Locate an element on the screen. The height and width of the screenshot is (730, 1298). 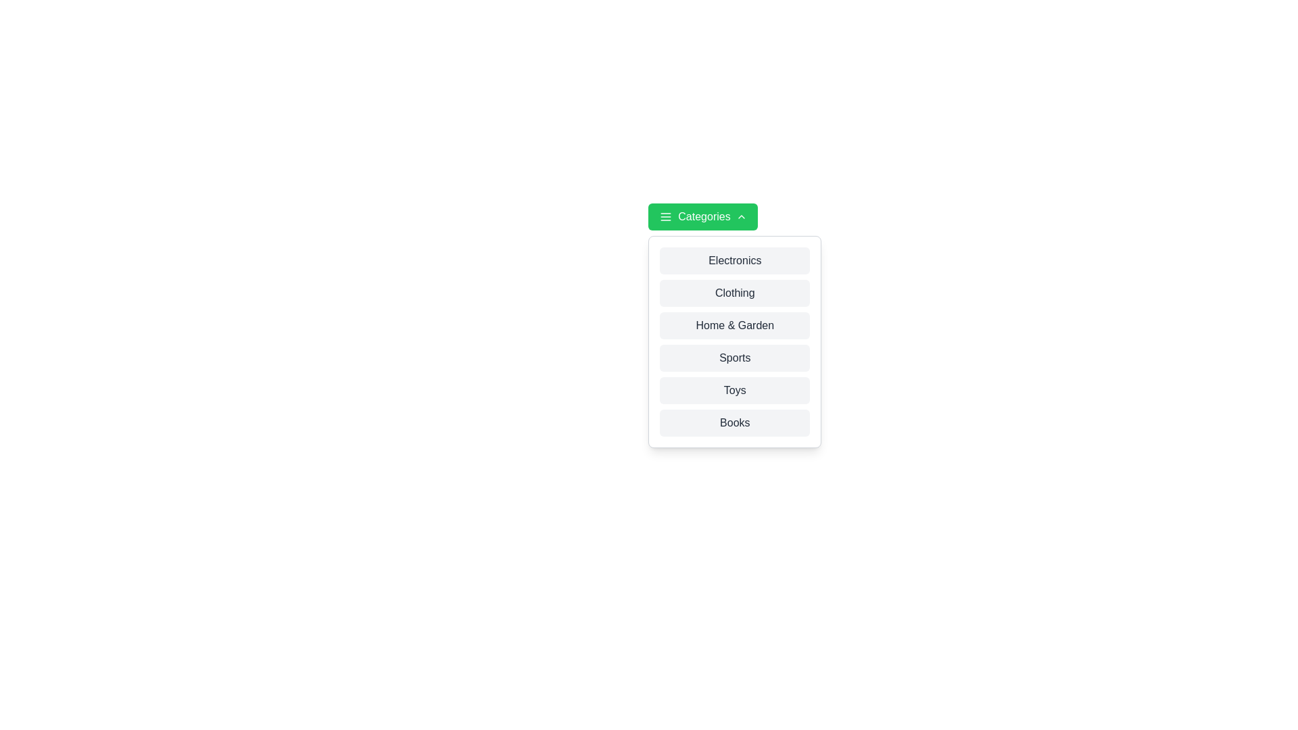
the 'Sports' button, which is the fourth button in a vertical list, located between the 'Home & Garden' button and the 'Toys' button is located at coordinates (734, 357).